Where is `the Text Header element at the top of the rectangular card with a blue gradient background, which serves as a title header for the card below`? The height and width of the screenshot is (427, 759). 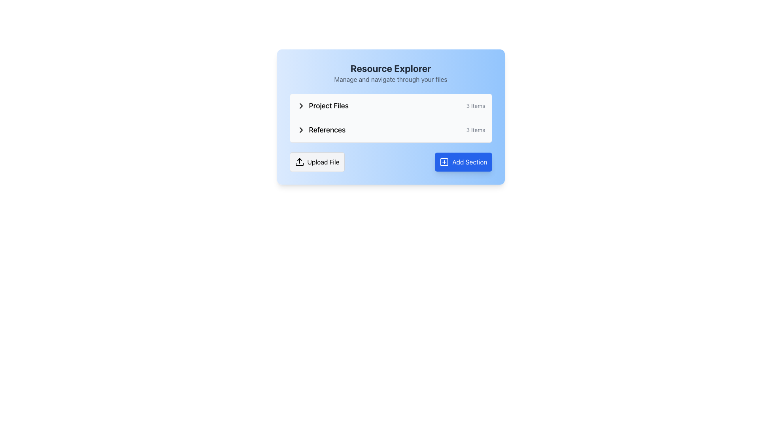 the Text Header element at the top of the rectangular card with a blue gradient background, which serves as a title header for the card below is located at coordinates (391, 73).